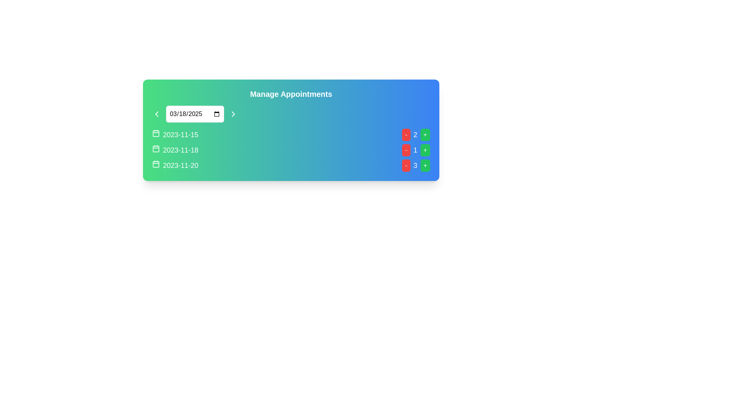 The width and height of the screenshot is (738, 415). I want to click on the non-interactive display Text Label that shows a numeric value, centrally aligned between the '-' and '+' buttons in the uppermost row of the layout's right section, so click(415, 134).